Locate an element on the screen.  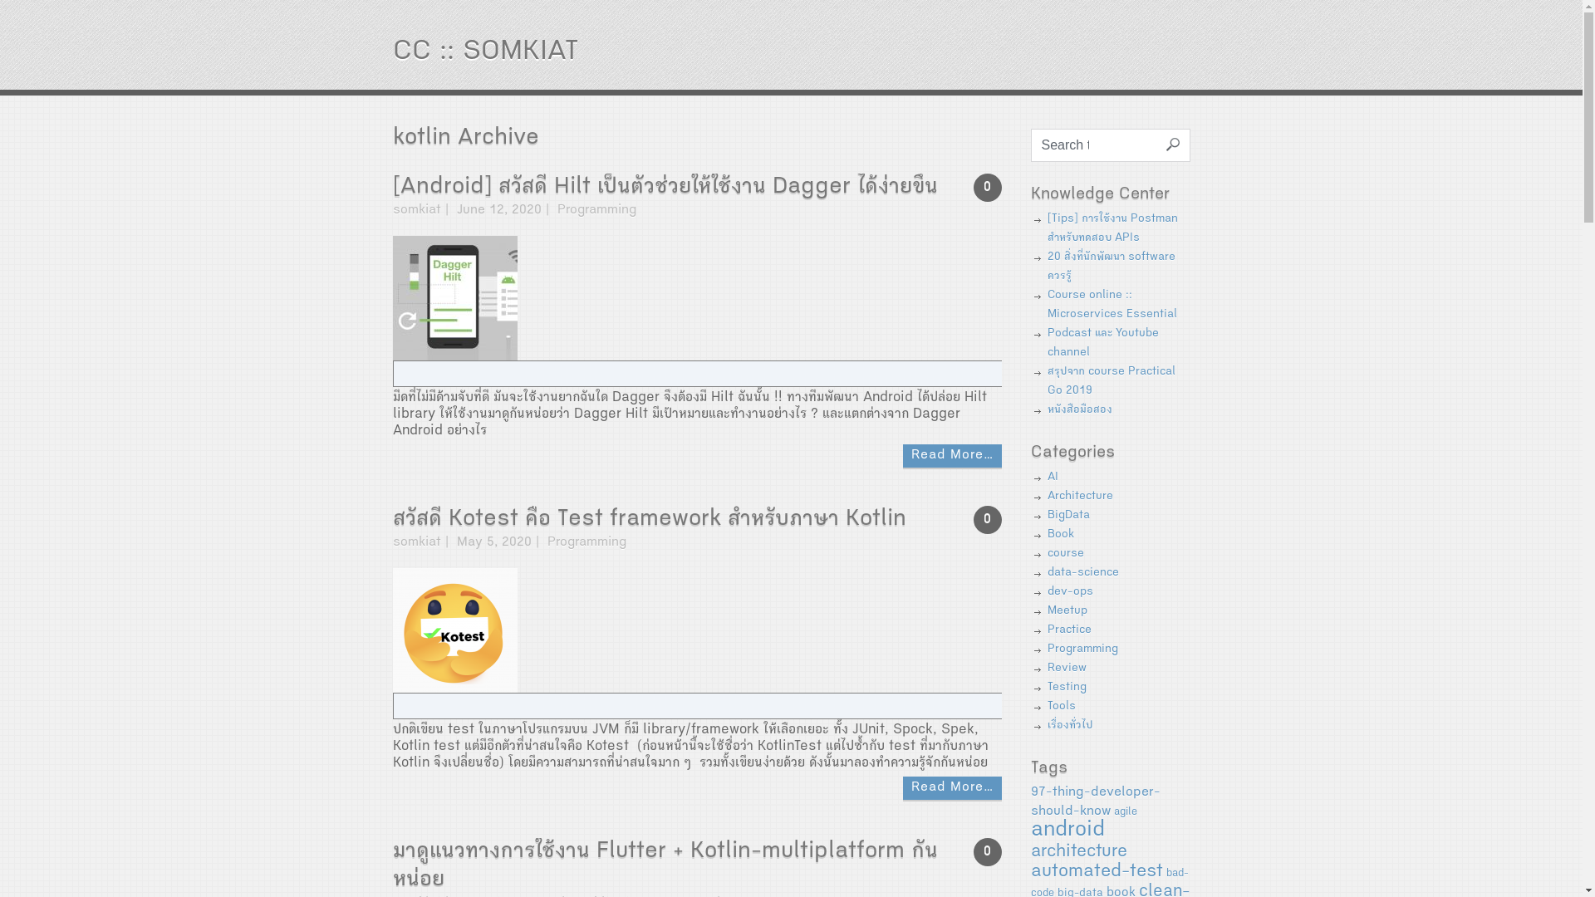
'Review' is located at coordinates (1066, 668).